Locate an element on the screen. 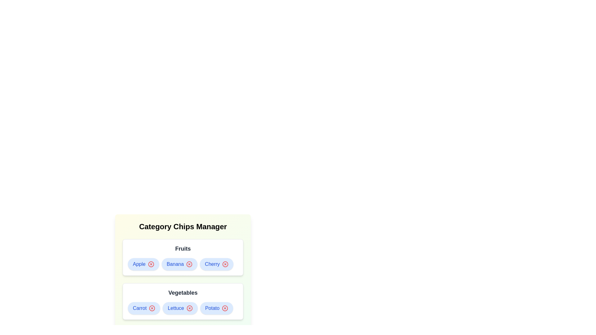  the chip labeled Potato to observe its hover effect is located at coordinates (216, 308).